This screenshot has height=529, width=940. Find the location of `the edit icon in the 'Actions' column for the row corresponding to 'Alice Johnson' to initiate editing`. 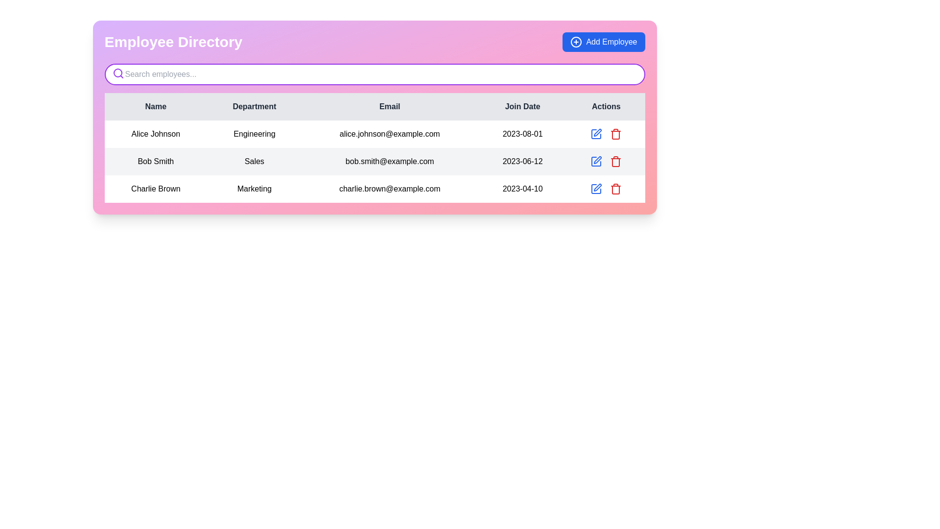

the edit icon in the 'Actions' column for the row corresponding to 'Alice Johnson' to initiate editing is located at coordinates (597, 132).